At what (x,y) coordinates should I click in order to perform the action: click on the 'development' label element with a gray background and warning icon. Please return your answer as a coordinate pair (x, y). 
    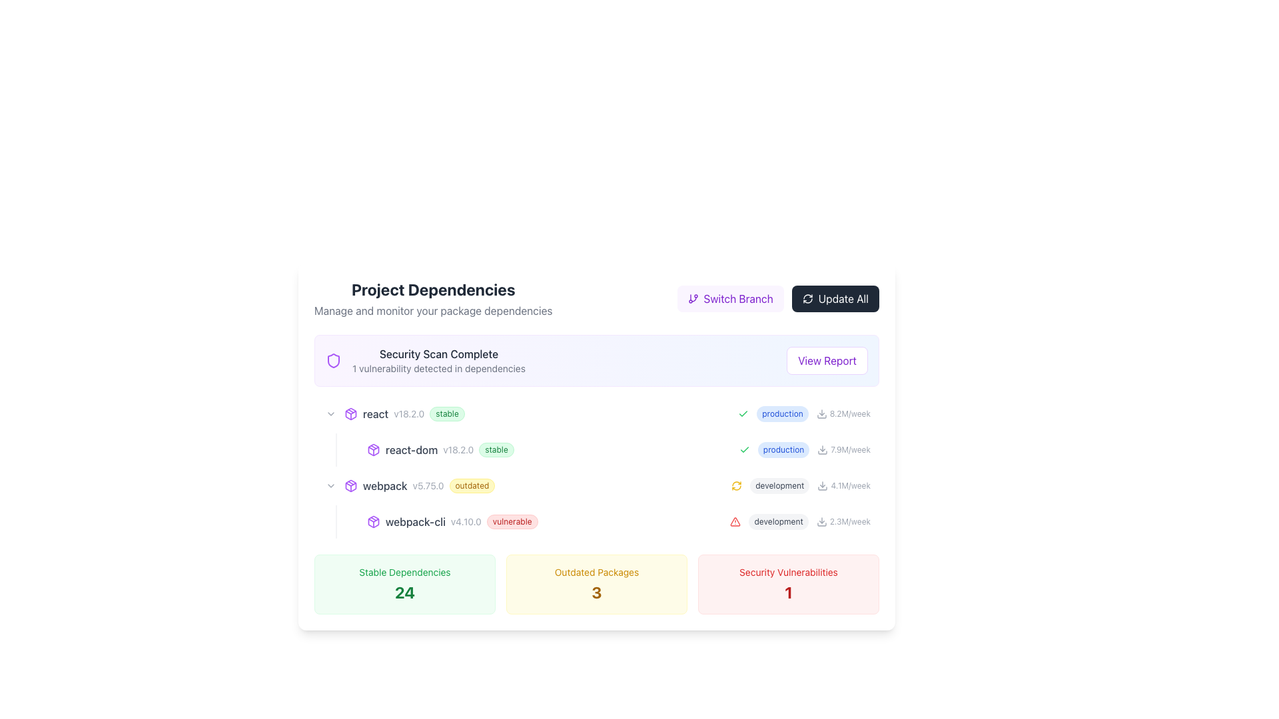
    Looking at the image, I should click on (799, 521).